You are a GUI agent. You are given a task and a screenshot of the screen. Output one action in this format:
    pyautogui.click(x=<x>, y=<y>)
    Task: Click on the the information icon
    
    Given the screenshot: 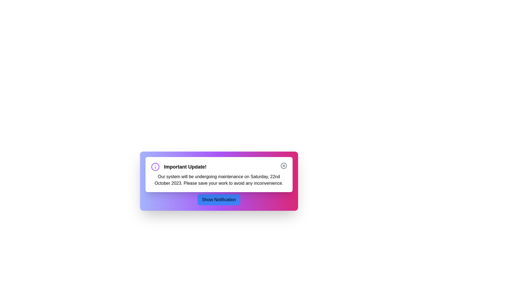 What is the action you would take?
    pyautogui.click(x=155, y=167)
    